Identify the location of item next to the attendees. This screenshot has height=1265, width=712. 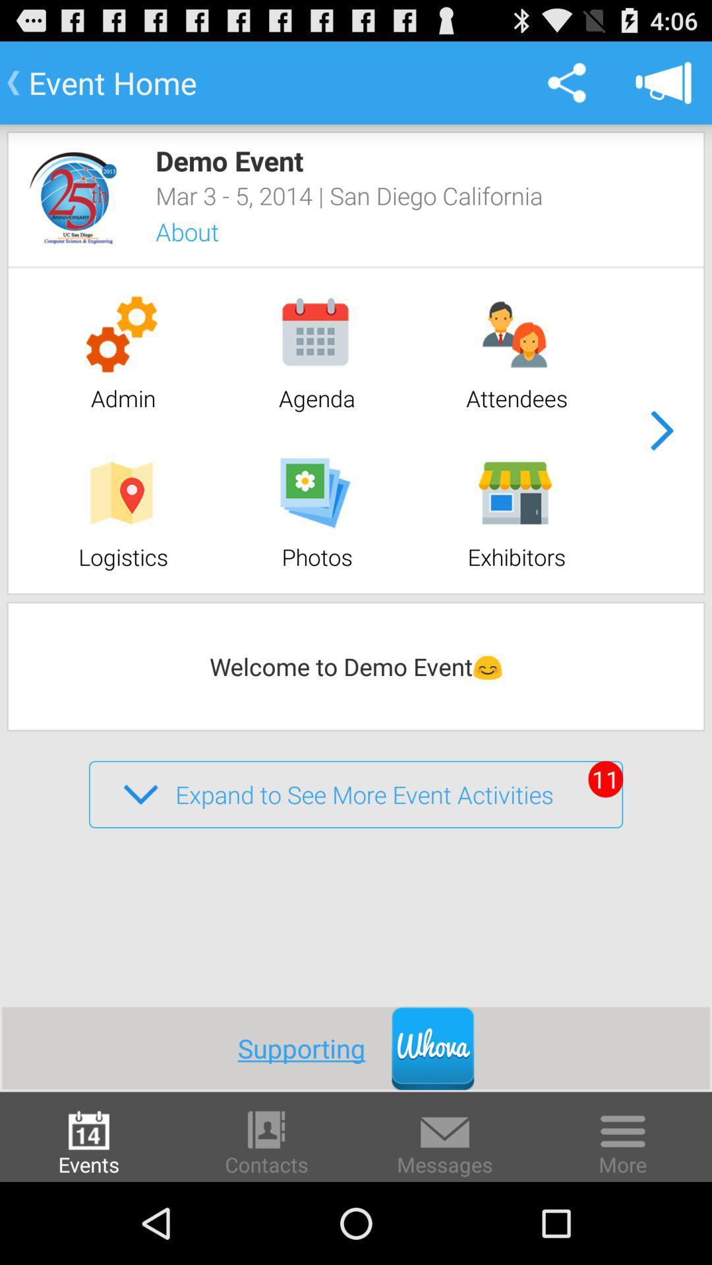
(662, 430).